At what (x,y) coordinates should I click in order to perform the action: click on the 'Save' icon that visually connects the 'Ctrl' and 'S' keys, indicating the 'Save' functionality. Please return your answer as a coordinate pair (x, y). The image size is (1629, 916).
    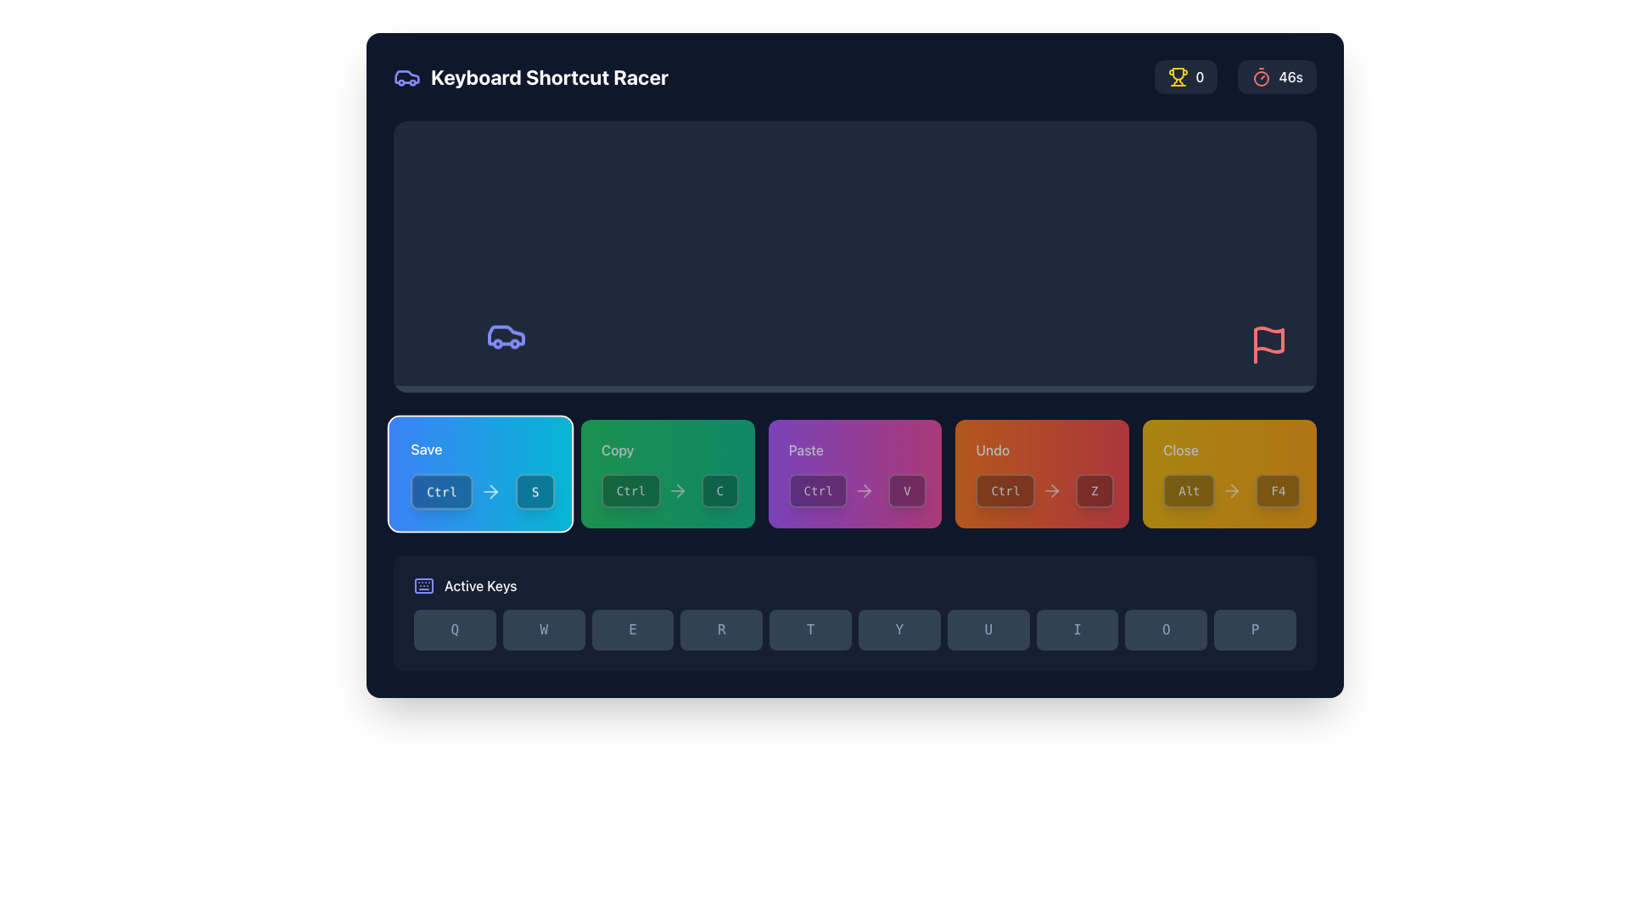
    Looking at the image, I should click on (490, 491).